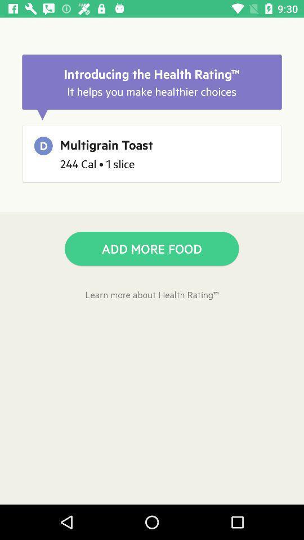 This screenshot has height=540, width=304. I want to click on the learn more about, so click(152, 294).